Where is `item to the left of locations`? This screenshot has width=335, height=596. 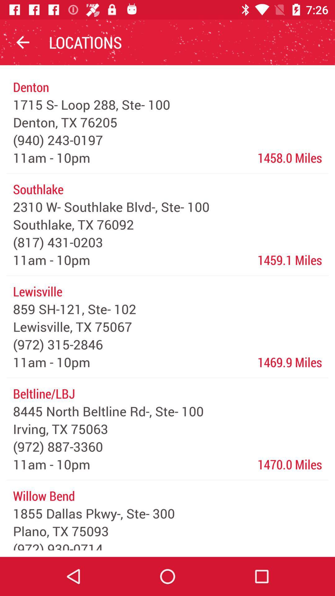 item to the left of locations is located at coordinates (22, 42).